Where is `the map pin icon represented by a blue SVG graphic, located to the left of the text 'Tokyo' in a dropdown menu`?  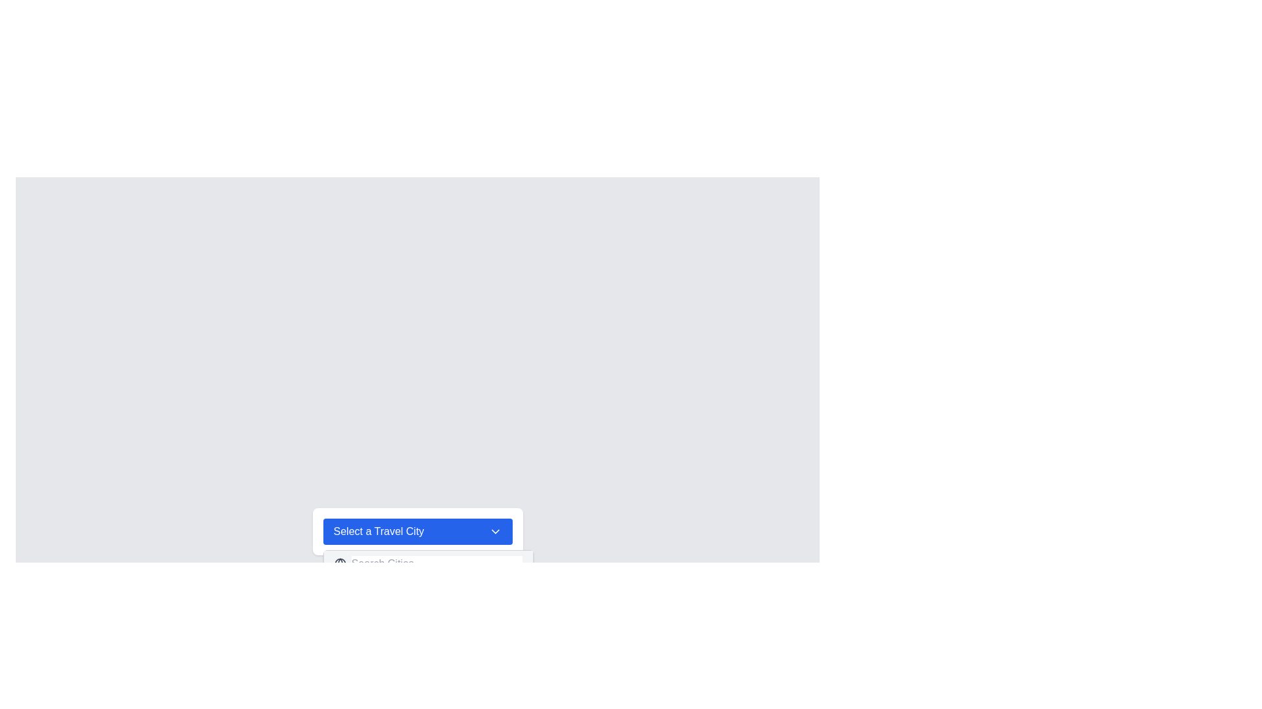 the map pin icon represented by a blue SVG graphic, located to the left of the text 'Tokyo' in a dropdown menu is located at coordinates (346, 621).